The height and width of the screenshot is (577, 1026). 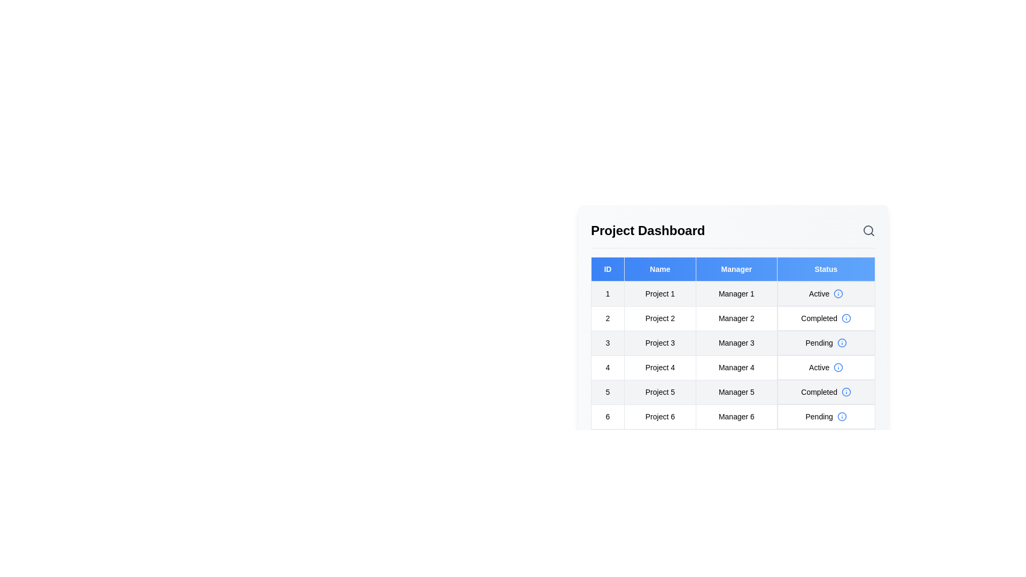 I want to click on the information icon for the status of project 5, so click(x=846, y=392).